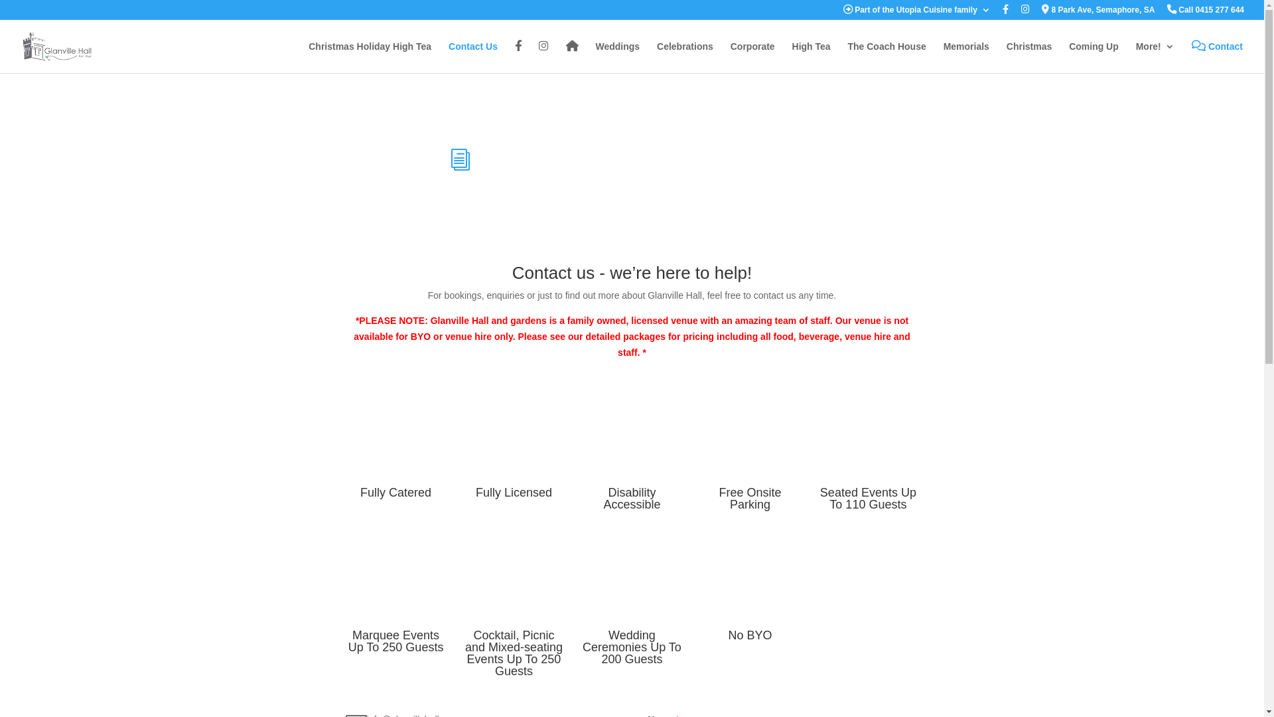 This screenshot has width=1274, height=717. What do you see at coordinates (473, 56) in the screenshot?
I see `'Contact Us'` at bounding box center [473, 56].